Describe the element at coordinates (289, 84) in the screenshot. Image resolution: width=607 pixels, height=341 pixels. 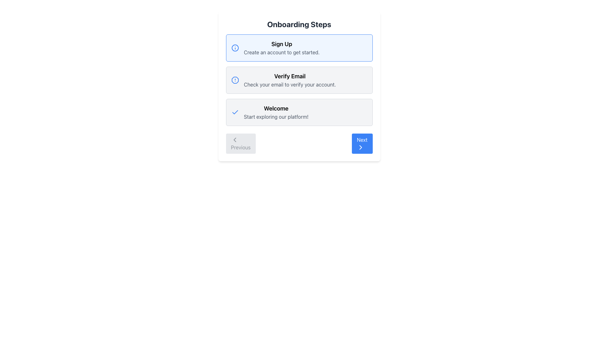
I see `the informational text instructing the user to check their email for account verification, located in the 'Verify Email' step card under the heading 'Verify Email.'` at that location.